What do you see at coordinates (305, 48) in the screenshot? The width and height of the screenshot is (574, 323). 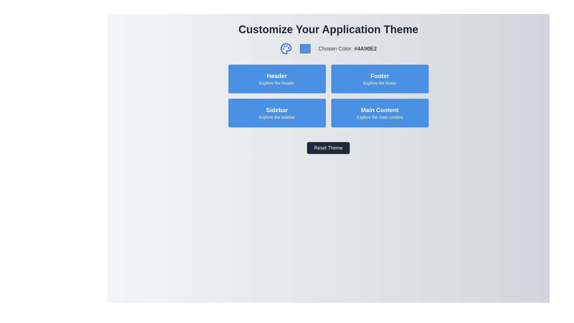 I see `the color selector input element` at bounding box center [305, 48].